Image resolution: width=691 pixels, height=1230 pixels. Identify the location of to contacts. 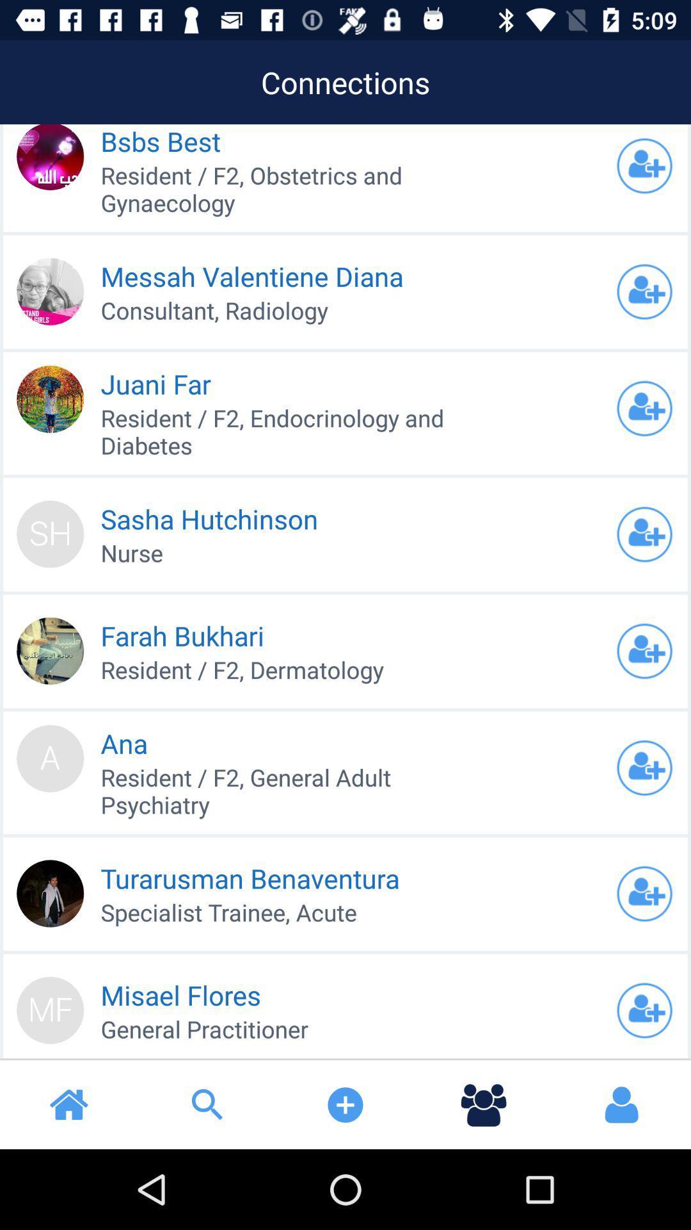
(644, 407).